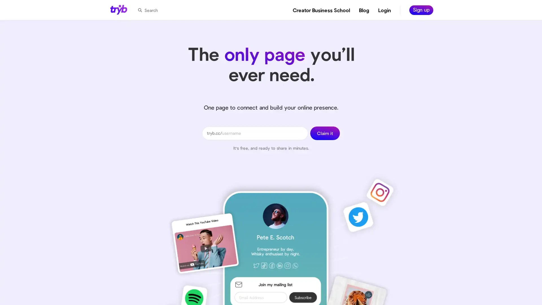  Describe the element at coordinates (325, 133) in the screenshot. I see `Claim it` at that location.